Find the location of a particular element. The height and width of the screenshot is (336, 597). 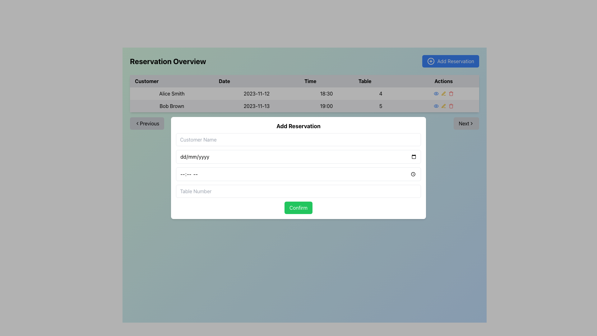

the yellow pencil icon button is located at coordinates (443, 105).